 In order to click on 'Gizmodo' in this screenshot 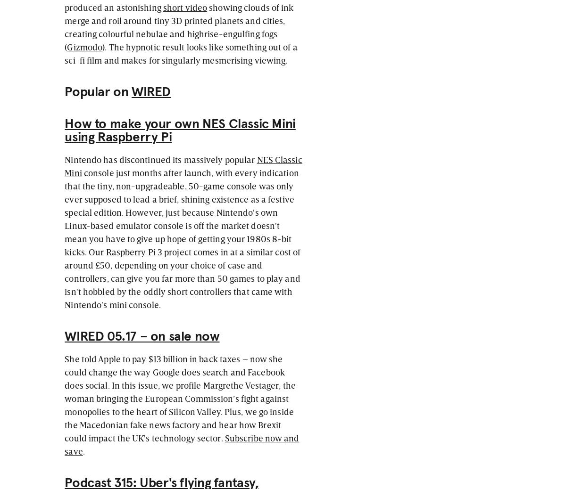, I will do `click(84, 46)`.